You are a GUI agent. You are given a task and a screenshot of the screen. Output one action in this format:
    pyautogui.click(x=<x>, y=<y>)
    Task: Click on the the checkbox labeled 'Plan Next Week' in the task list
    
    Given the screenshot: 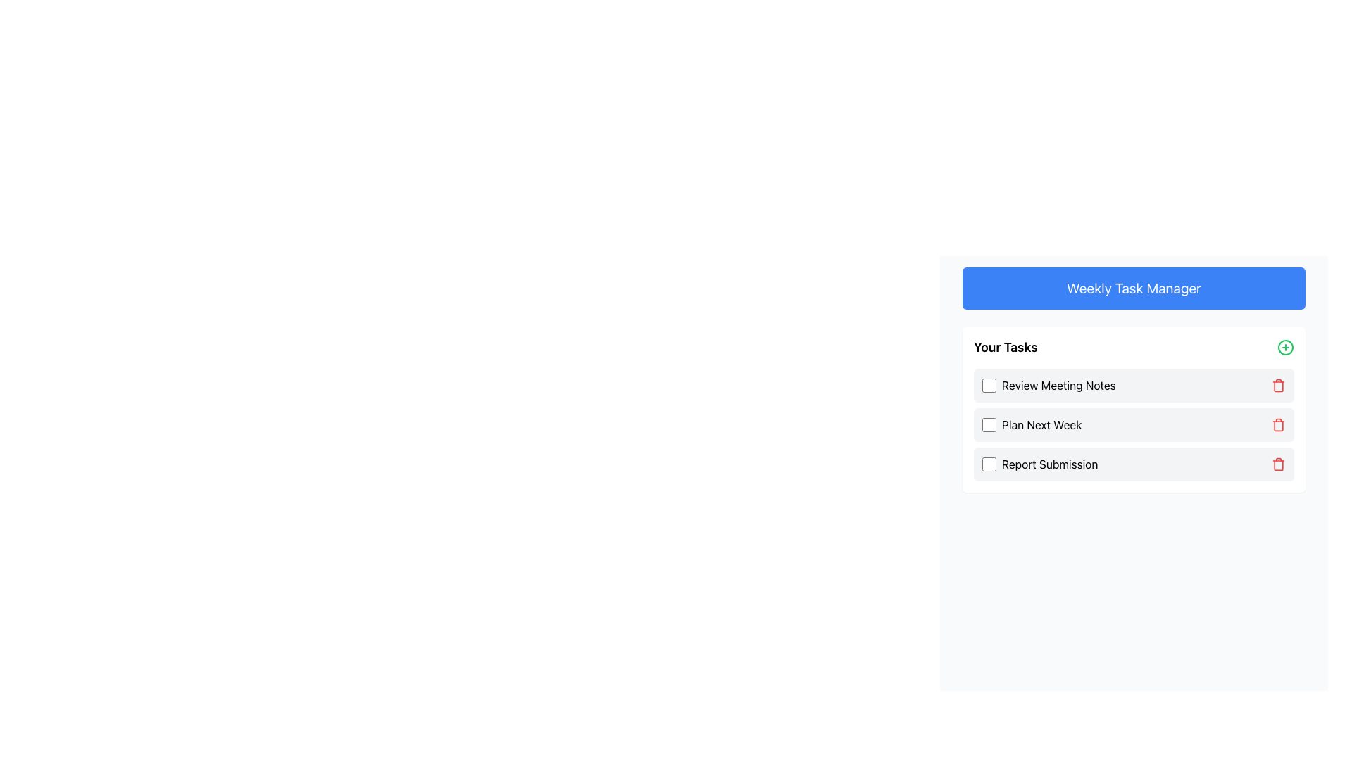 What is the action you would take?
    pyautogui.click(x=989, y=424)
    